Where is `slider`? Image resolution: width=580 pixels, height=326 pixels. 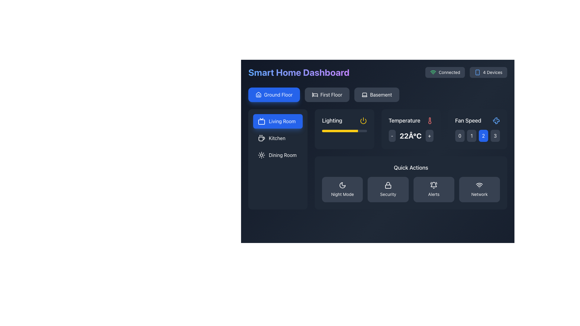
slider is located at coordinates (343, 131).